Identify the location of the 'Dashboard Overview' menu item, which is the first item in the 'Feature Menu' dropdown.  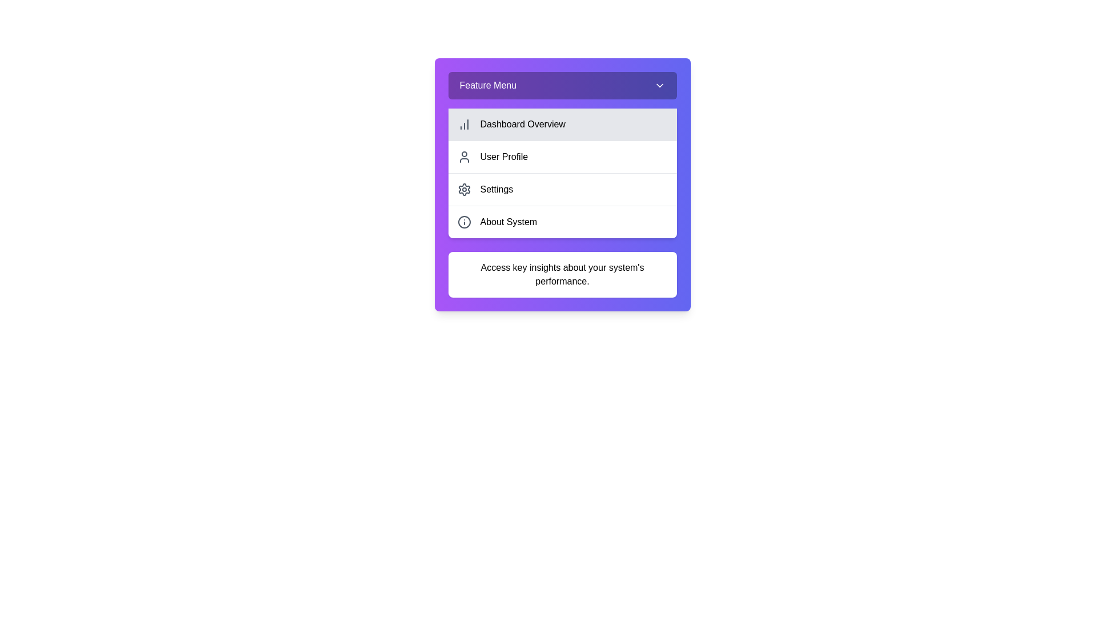
(562, 125).